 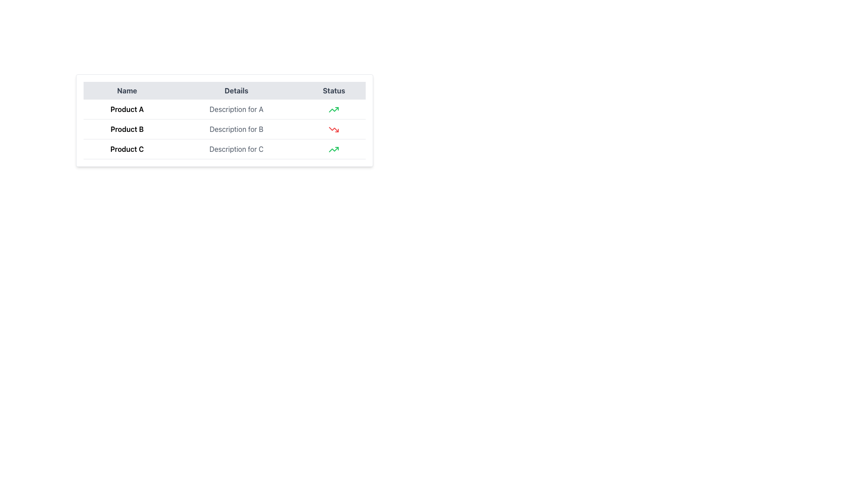 What do you see at coordinates (236, 148) in the screenshot?
I see `the descriptive label for 'Product C' located in the second column of the third row under the header 'Details'` at bounding box center [236, 148].